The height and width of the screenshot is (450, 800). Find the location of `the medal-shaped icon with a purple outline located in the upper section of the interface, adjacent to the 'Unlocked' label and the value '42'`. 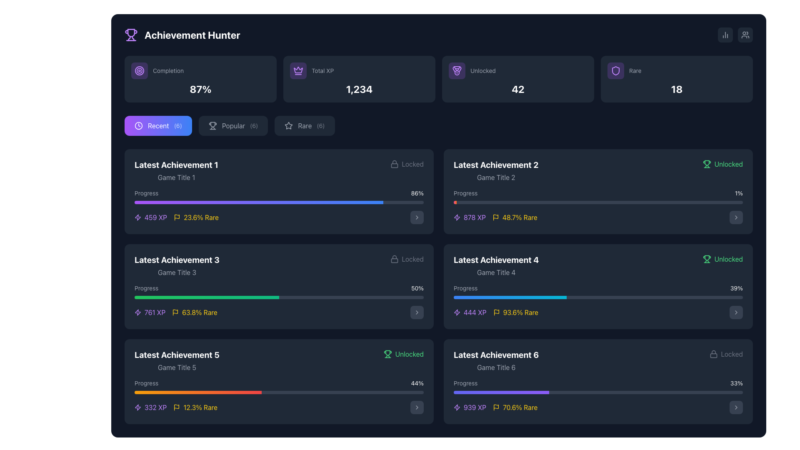

the medal-shaped icon with a purple outline located in the upper section of the interface, adjacent to the 'Unlocked' label and the value '42' is located at coordinates (457, 70).